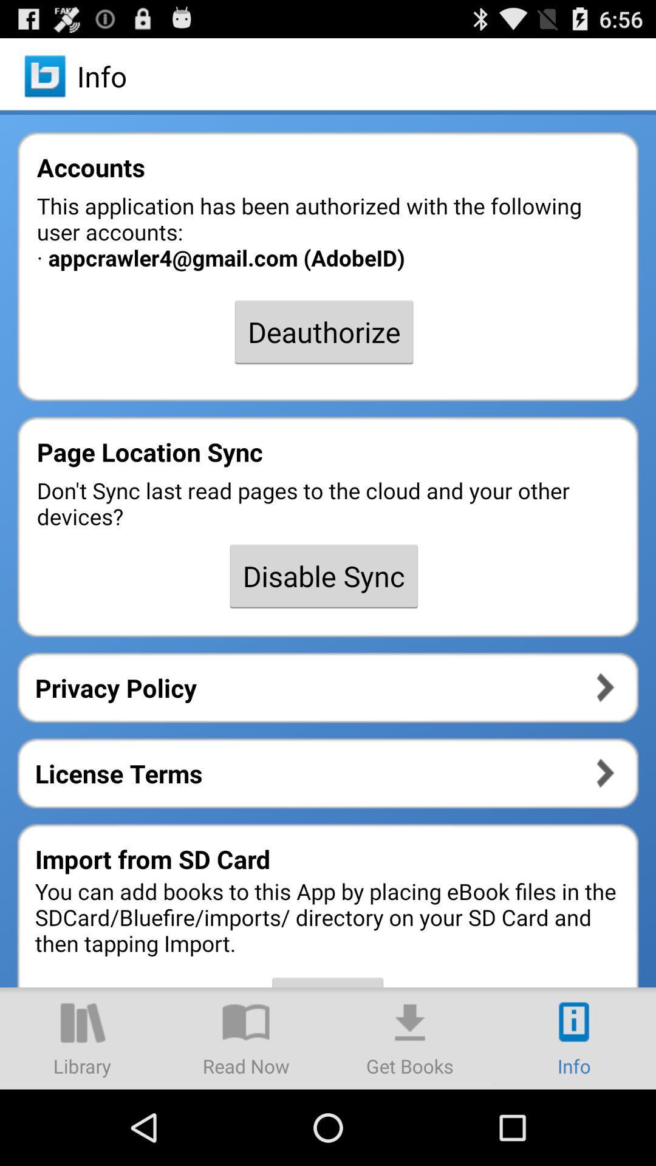 The height and width of the screenshot is (1166, 656). Describe the element at coordinates (574, 1037) in the screenshot. I see `more info icon` at that location.